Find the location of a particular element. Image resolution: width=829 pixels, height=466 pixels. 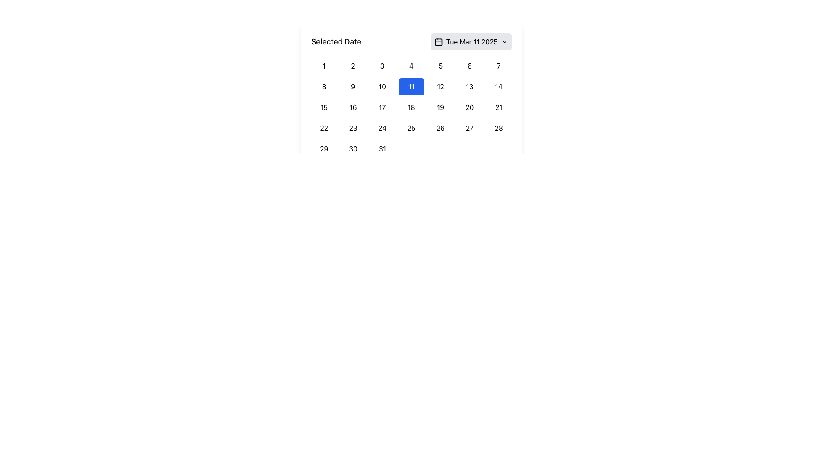

the button representing the date in the sixth row and seventh column of the calendar is located at coordinates (499, 107).